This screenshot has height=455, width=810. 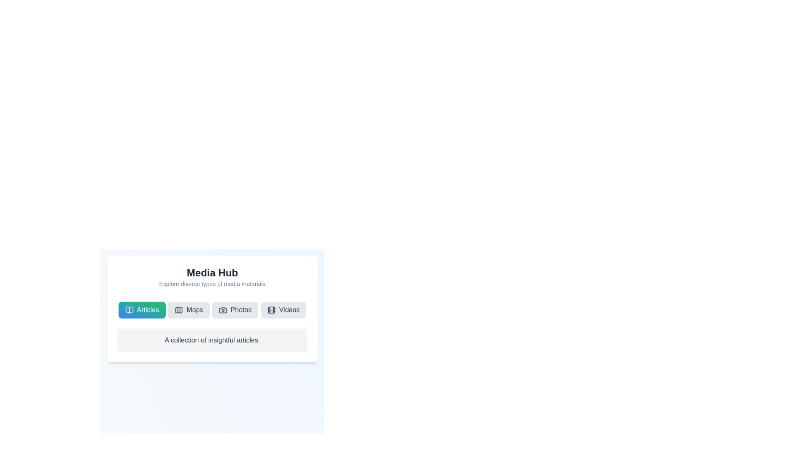 I want to click on the 'Maps' text label, which is located within a gray-toned button to the right of the 'Articles' button and left of the 'Photos' button, so click(x=194, y=310).